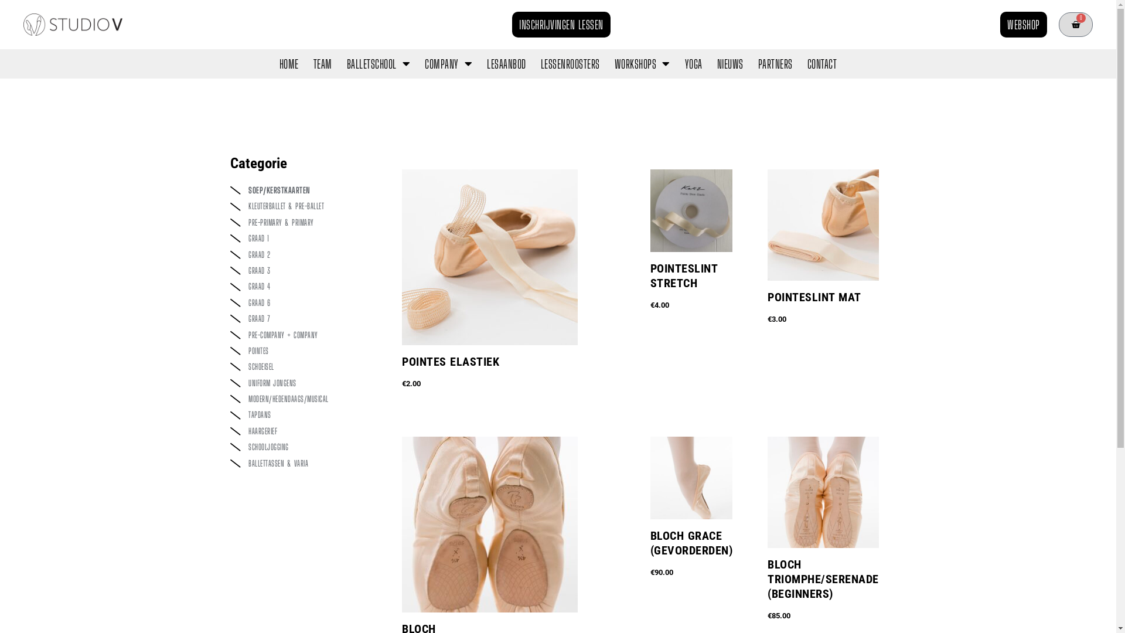 The image size is (1125, 633). Describe the element at coordinates (379, 63) in the screenshot. I see `'BALLETSCHOOL'` at that location.